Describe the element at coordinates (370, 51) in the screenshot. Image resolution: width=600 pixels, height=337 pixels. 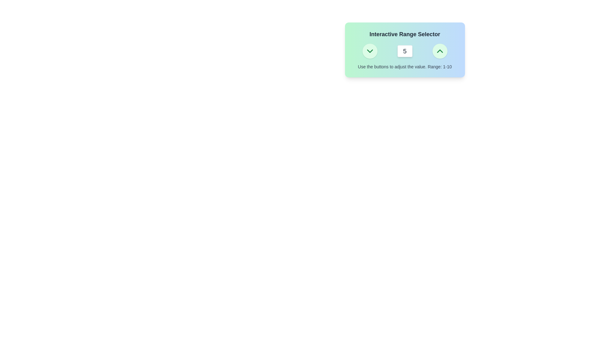
I see `the green chevron icon` at that location.